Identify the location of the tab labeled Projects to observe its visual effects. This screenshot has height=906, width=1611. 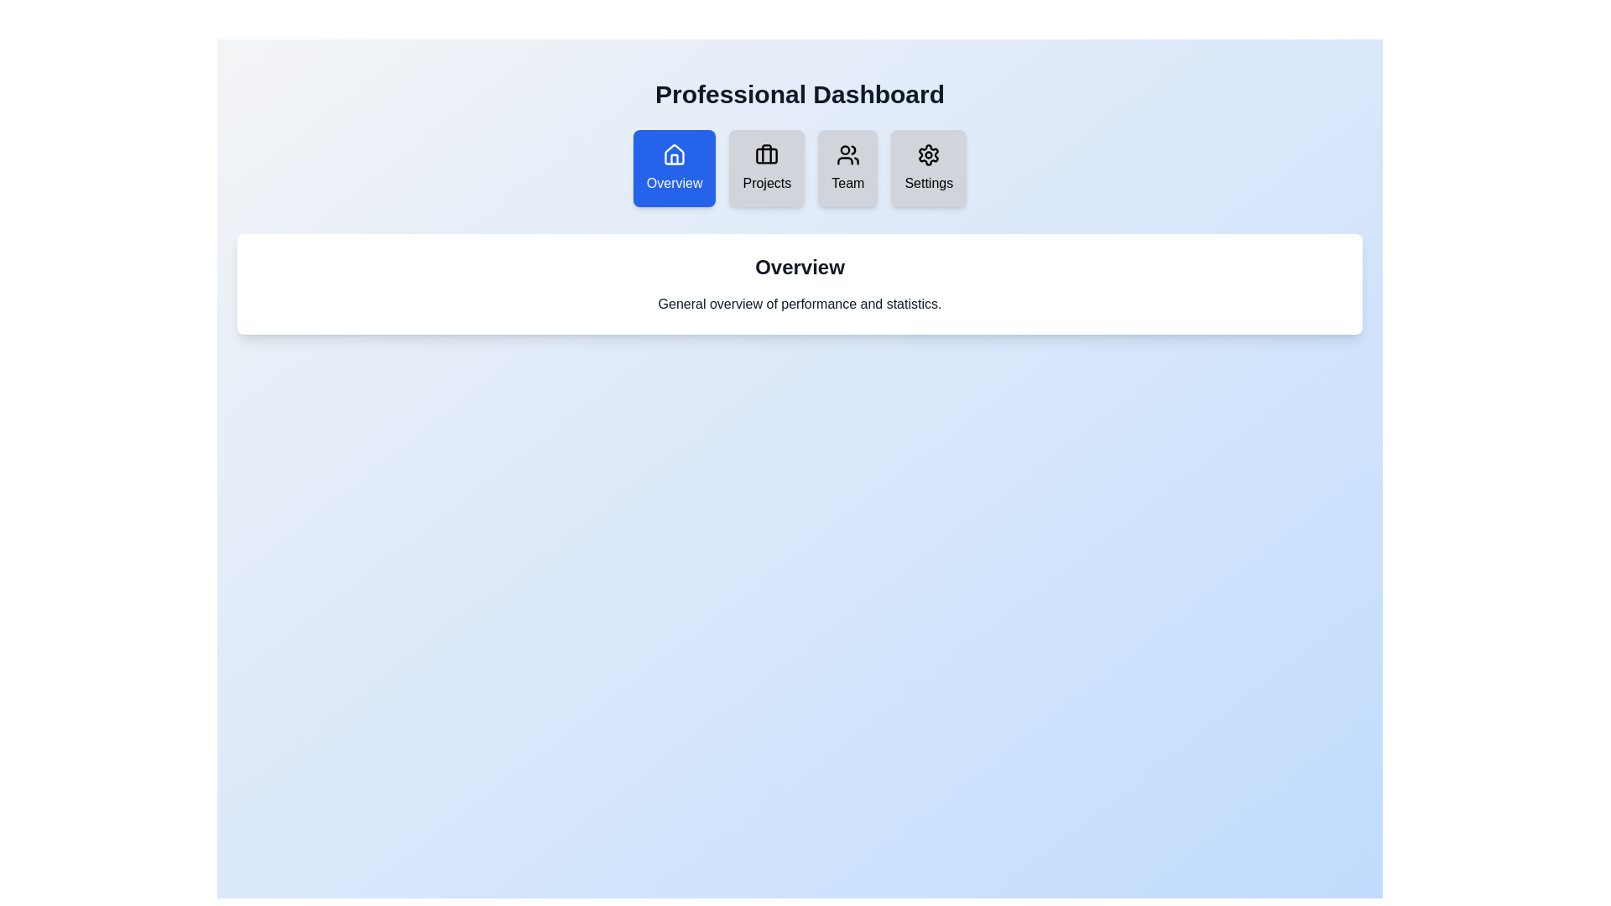
(766, 168).